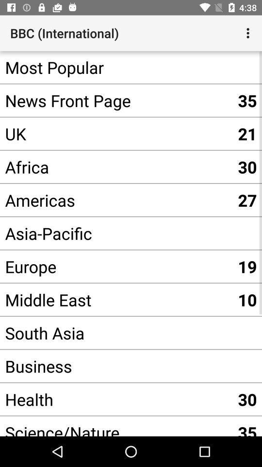 The height and width of the screenshot is (467, 262). What do you see at coordinates (116, 233) in the screenshot?
I see `the app next to the 27 app` at bounding box center [116, 233].